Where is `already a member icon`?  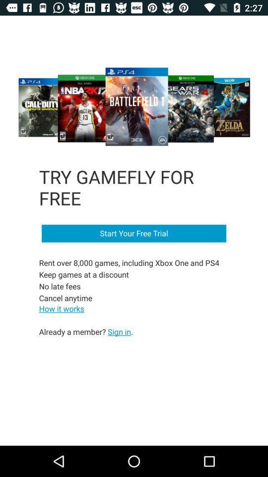 already a member icon is located at coordinates (86, 331).